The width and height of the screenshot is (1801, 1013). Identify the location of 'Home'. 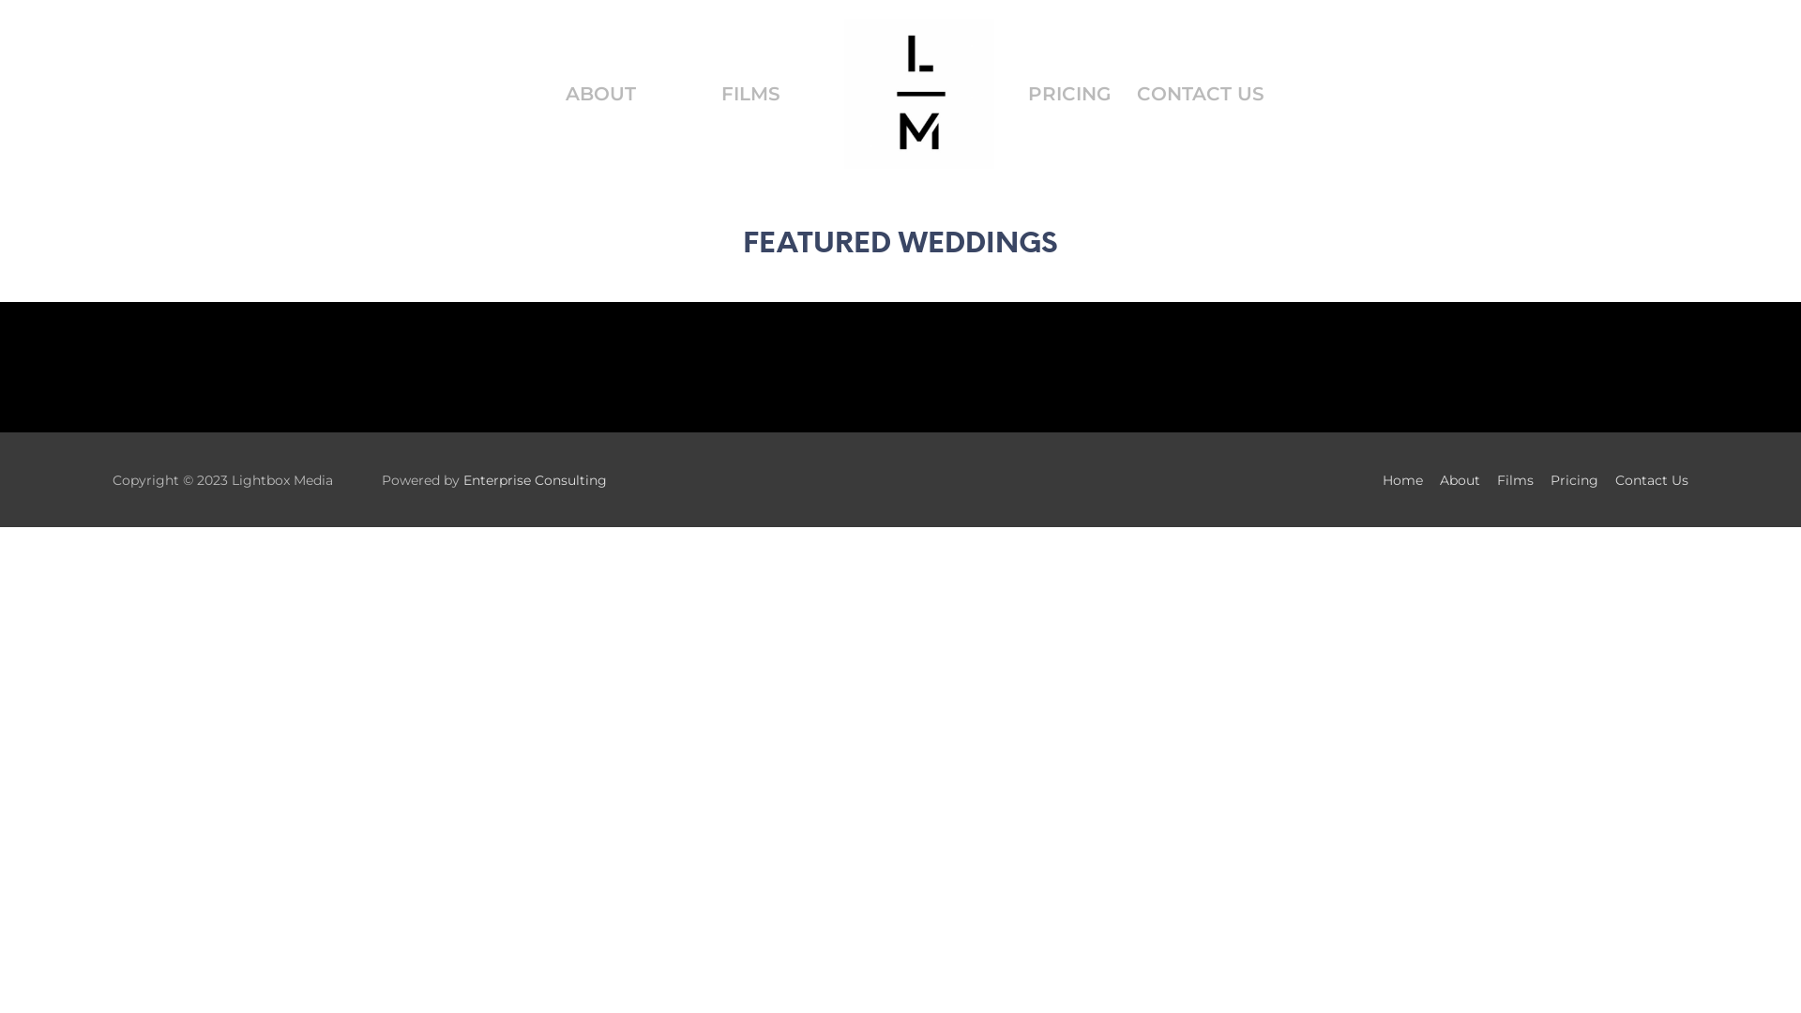
(1396, 479).